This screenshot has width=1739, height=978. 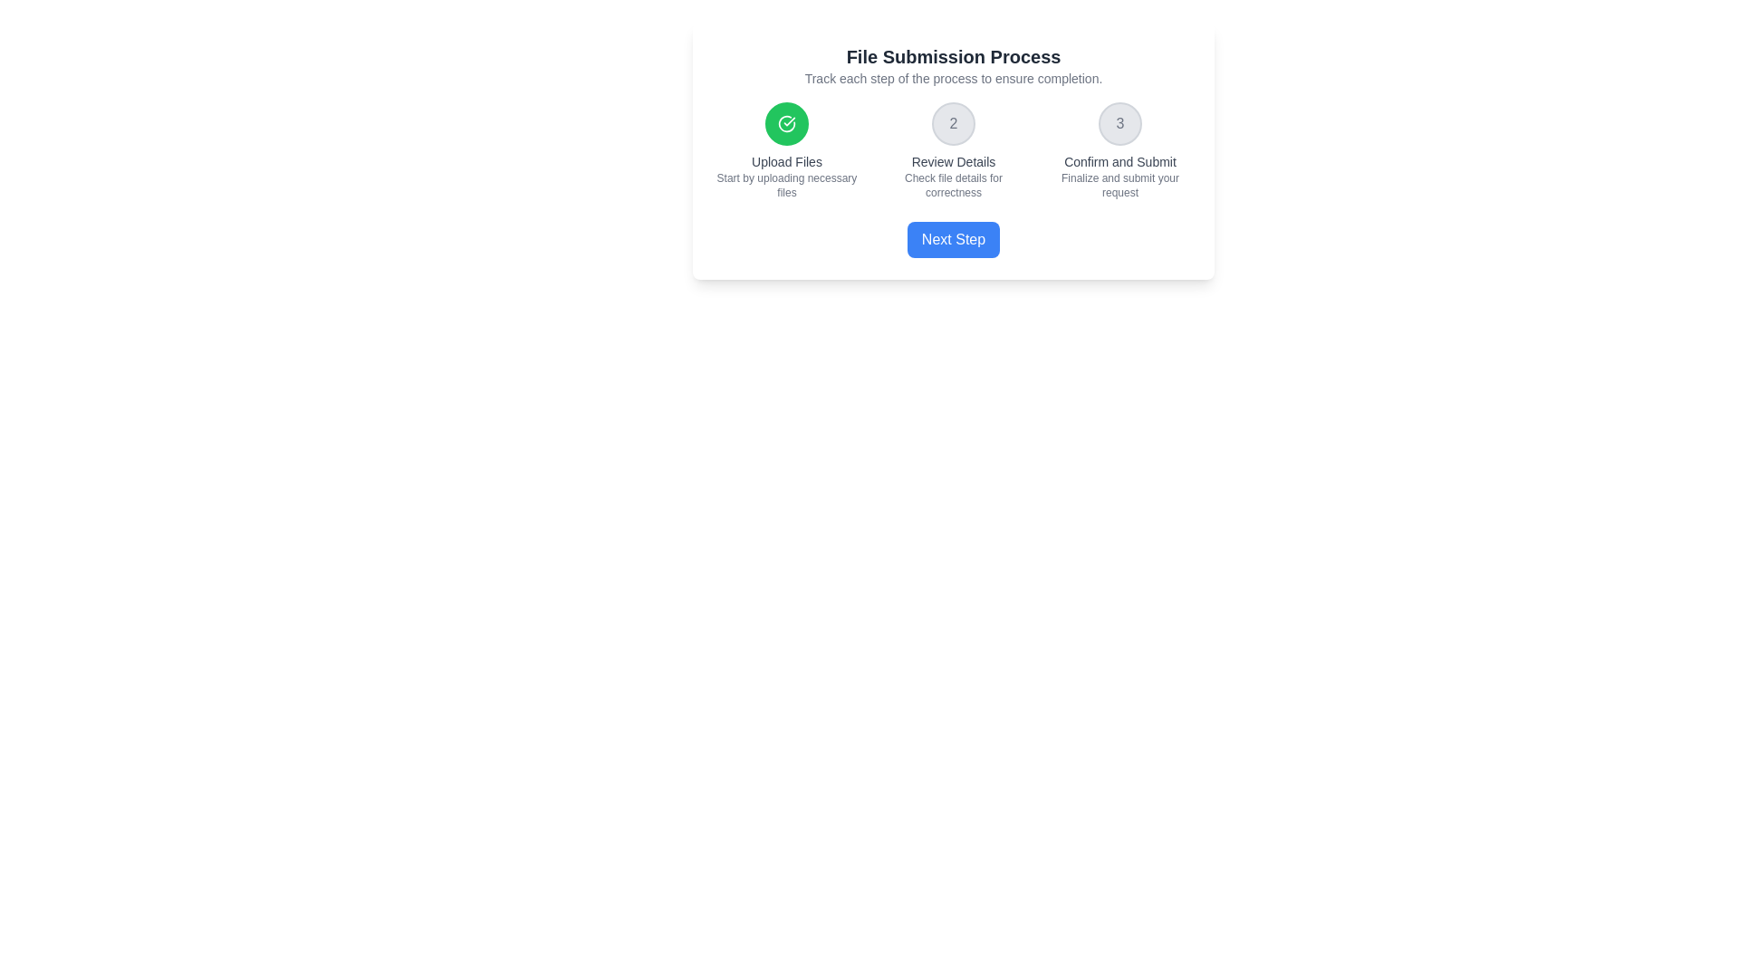 What do you see at coordinates (952, 149) in the screenshot?
I see `the middle step of the Interactive Step Indicator, which features a circular button with the number '2' and the title 'Review Details' beneath it` at bounding box center [952, 149].